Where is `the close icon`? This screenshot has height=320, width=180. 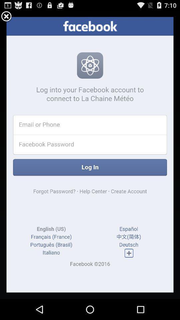
the close icon is located at coordinates (6, 18).